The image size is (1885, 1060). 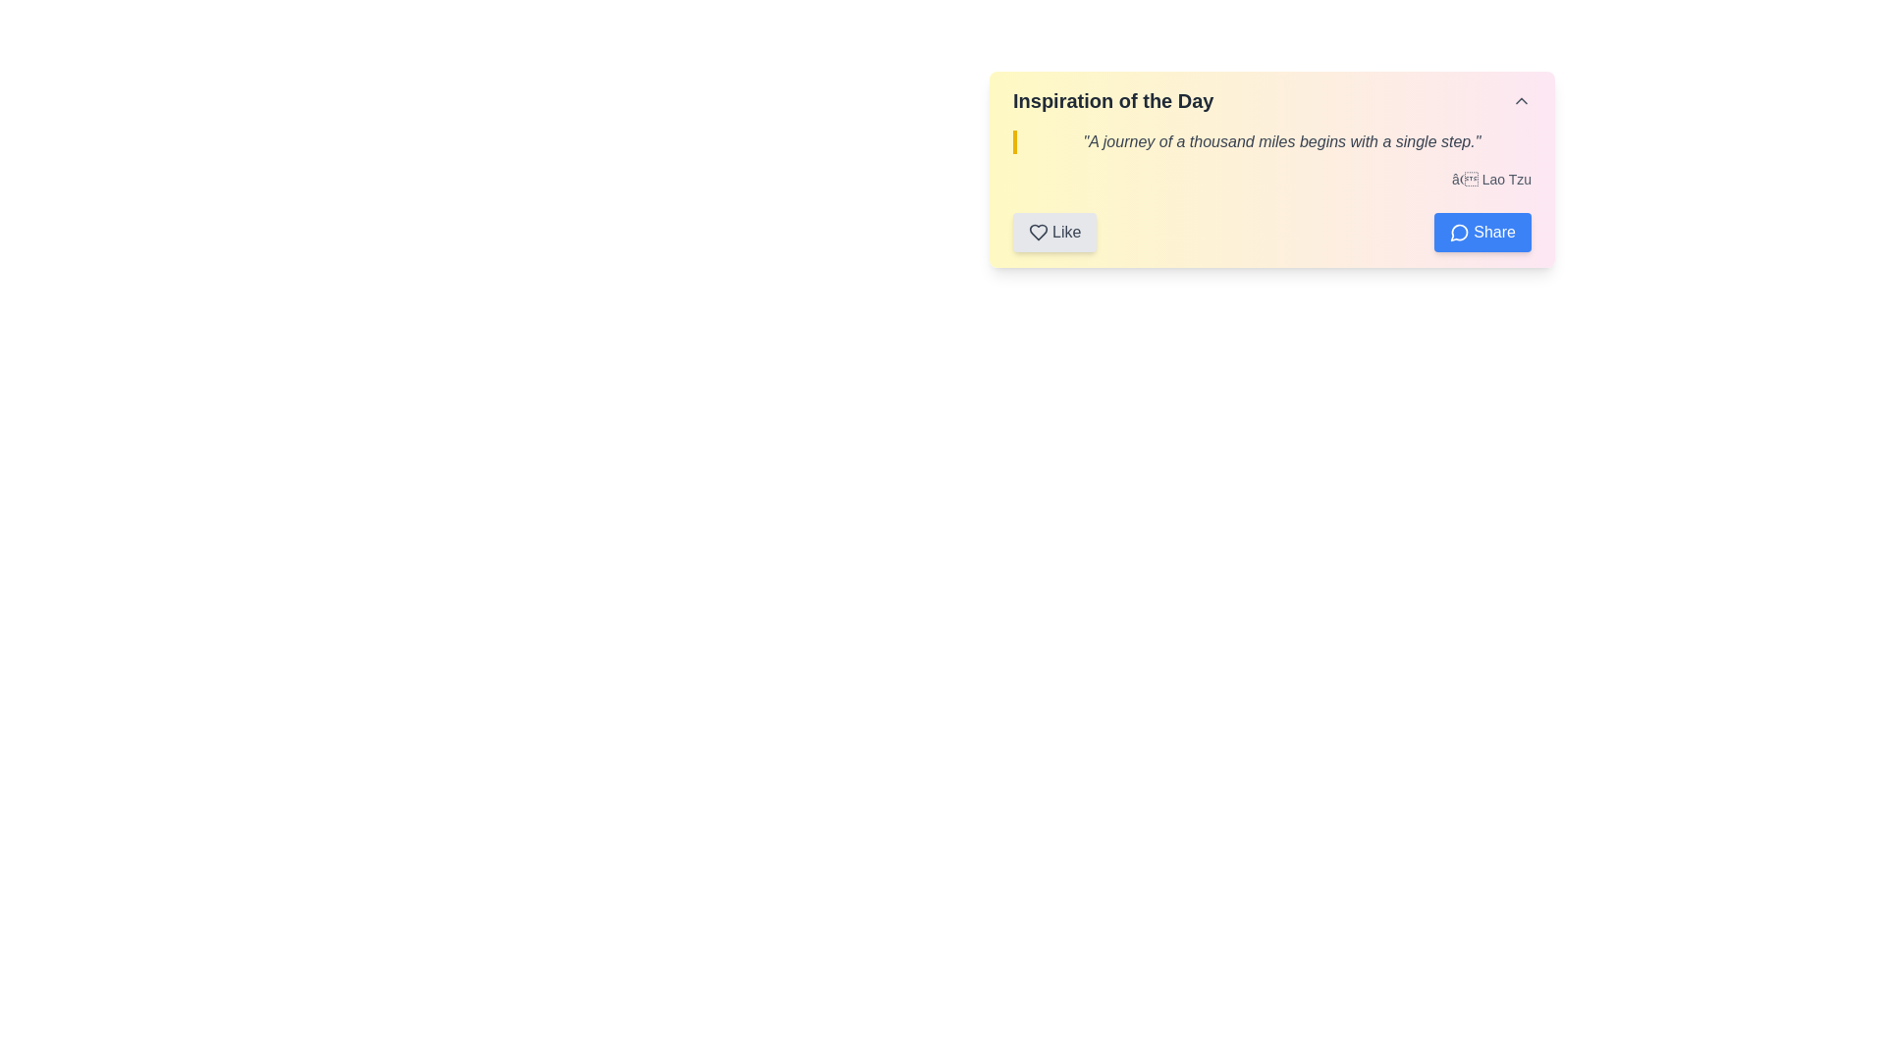 I want to click on text 'Like' located within the button-like UI component near the bottom-left corner of the card displaying an inspirational quote, so click(x=1065, y=231).